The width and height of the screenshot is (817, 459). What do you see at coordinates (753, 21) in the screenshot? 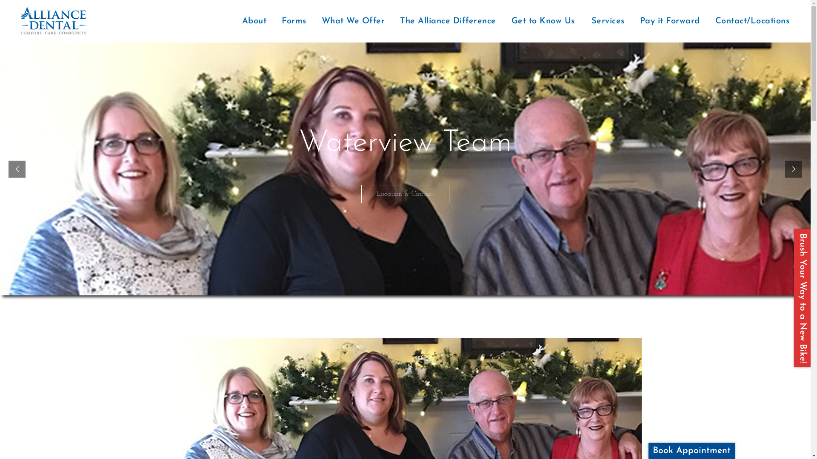
I see `'Contact/Locations'` at bounding box center [753, 21].